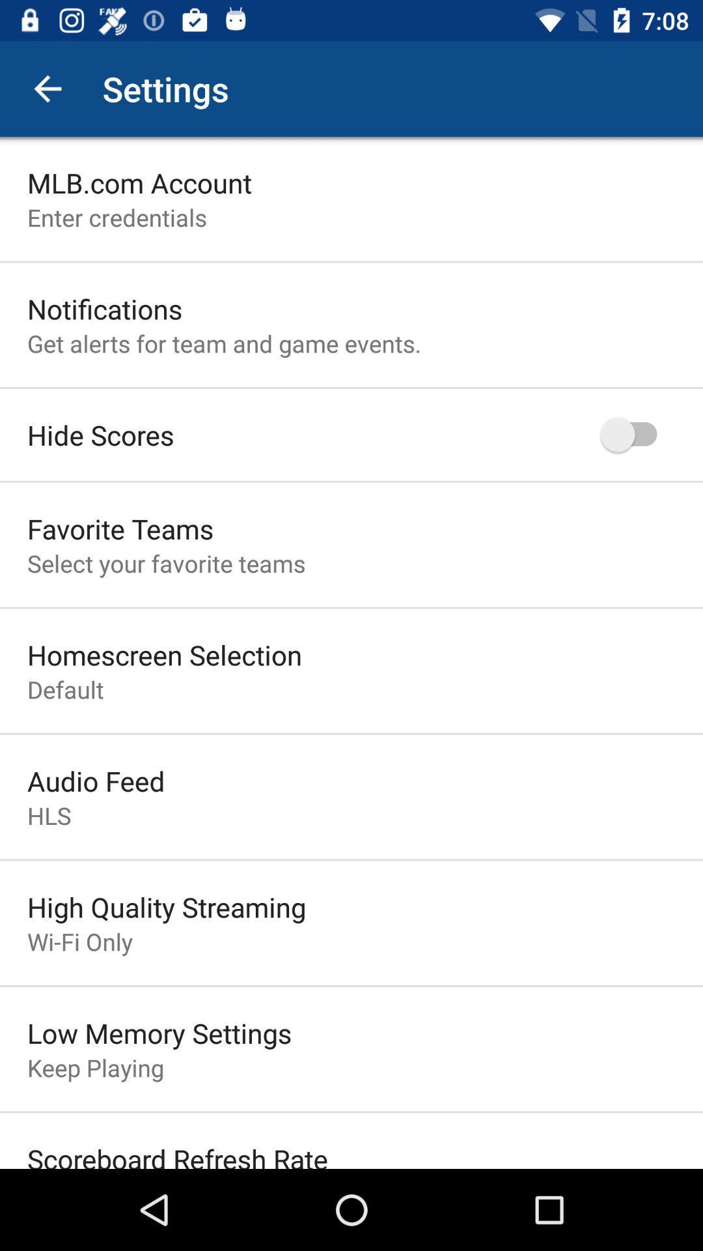 This screenshot has height=1251, width=703. What do you see at coordinates (164, 654) in the screenshot?
I see `the homescreen selection` at bounding box center [164, 654].